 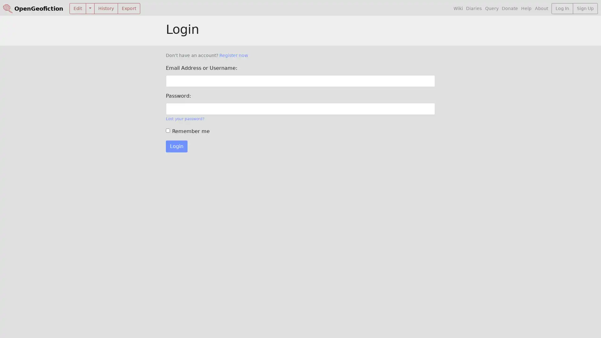 What do you see at coordinates (176, 146) in the screenshot?
I see `Login` at bounding box center [176, 146].